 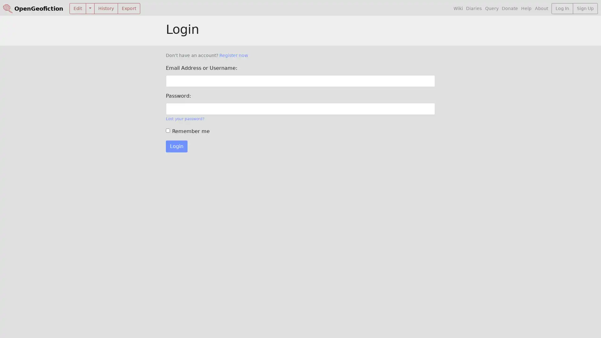 What do you see at coordinates (176, 146) in the screenshot?
I see `Login` at bounding box center [176, 146].